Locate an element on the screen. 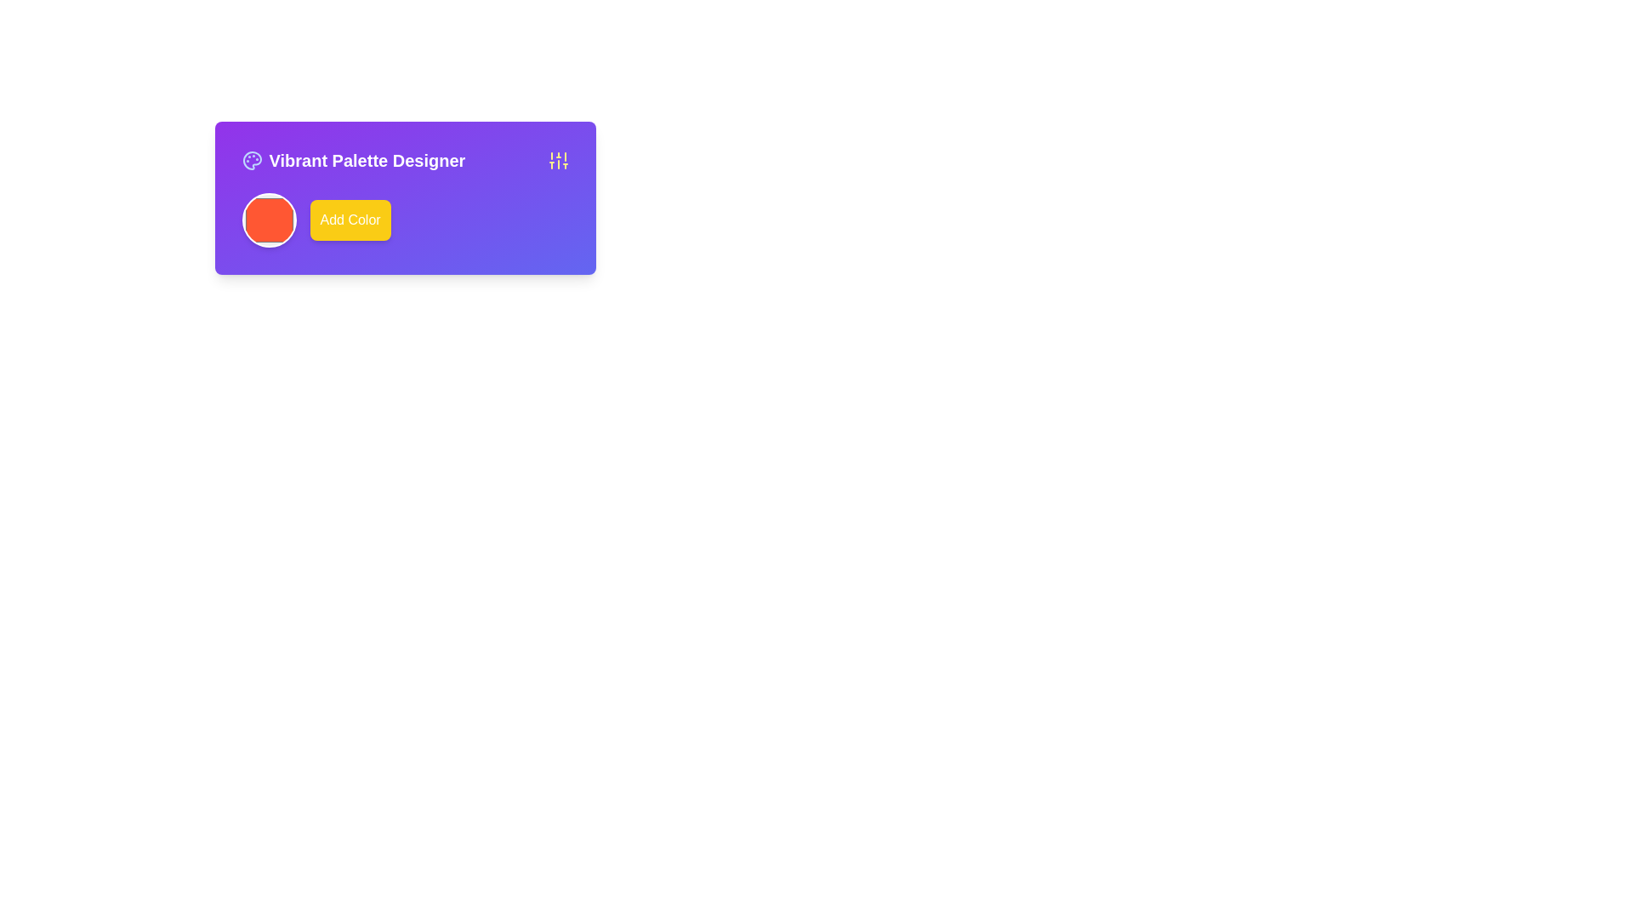  the header section with the text 'Vibrant Palette Designer' and a palette icon on the left side, which has a purple gradient background is located at coordinates (404, 161).